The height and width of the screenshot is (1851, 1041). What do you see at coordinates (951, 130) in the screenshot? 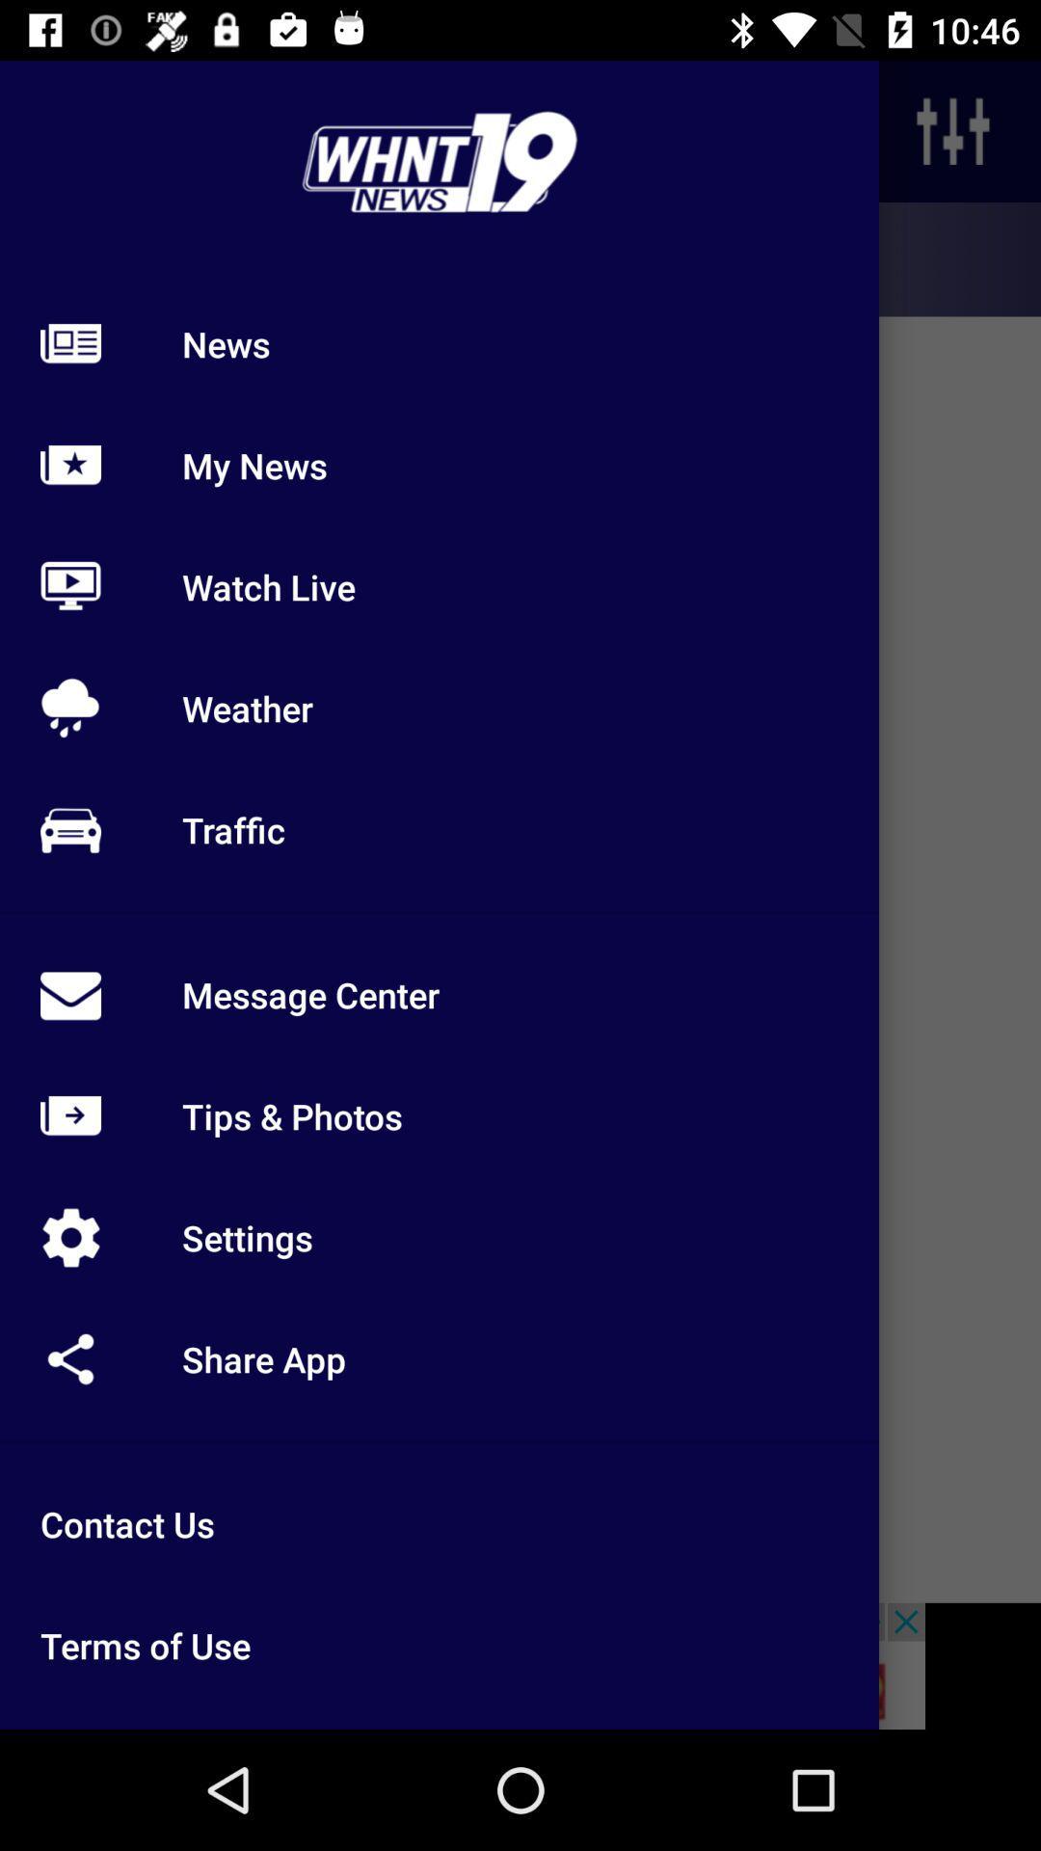
I see `the sliders icon` at bounding box center [951, 130].